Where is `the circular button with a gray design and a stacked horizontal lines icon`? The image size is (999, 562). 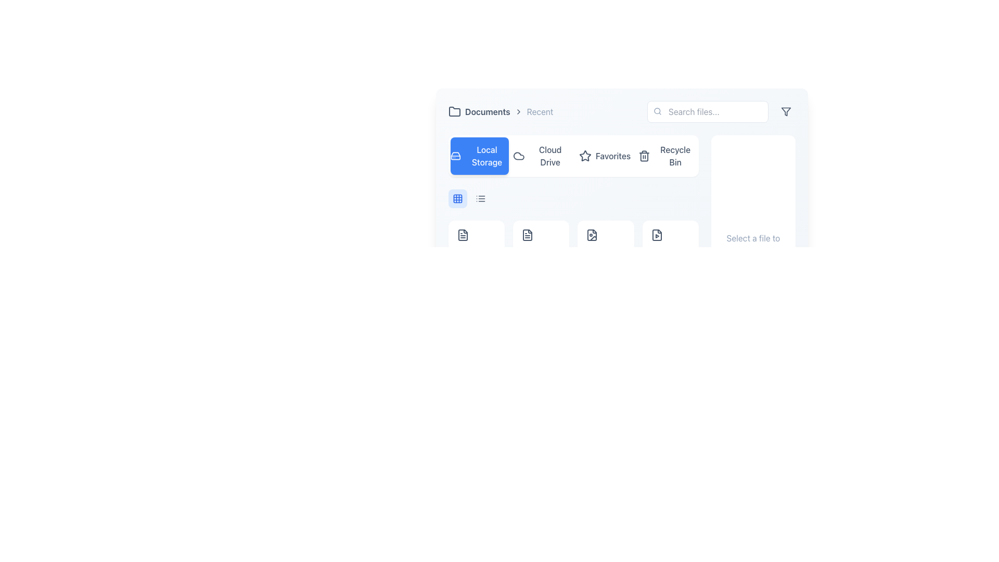 the circular button with a gray design and a stacked horizontal lines icon is located at coordinates (480, 198).